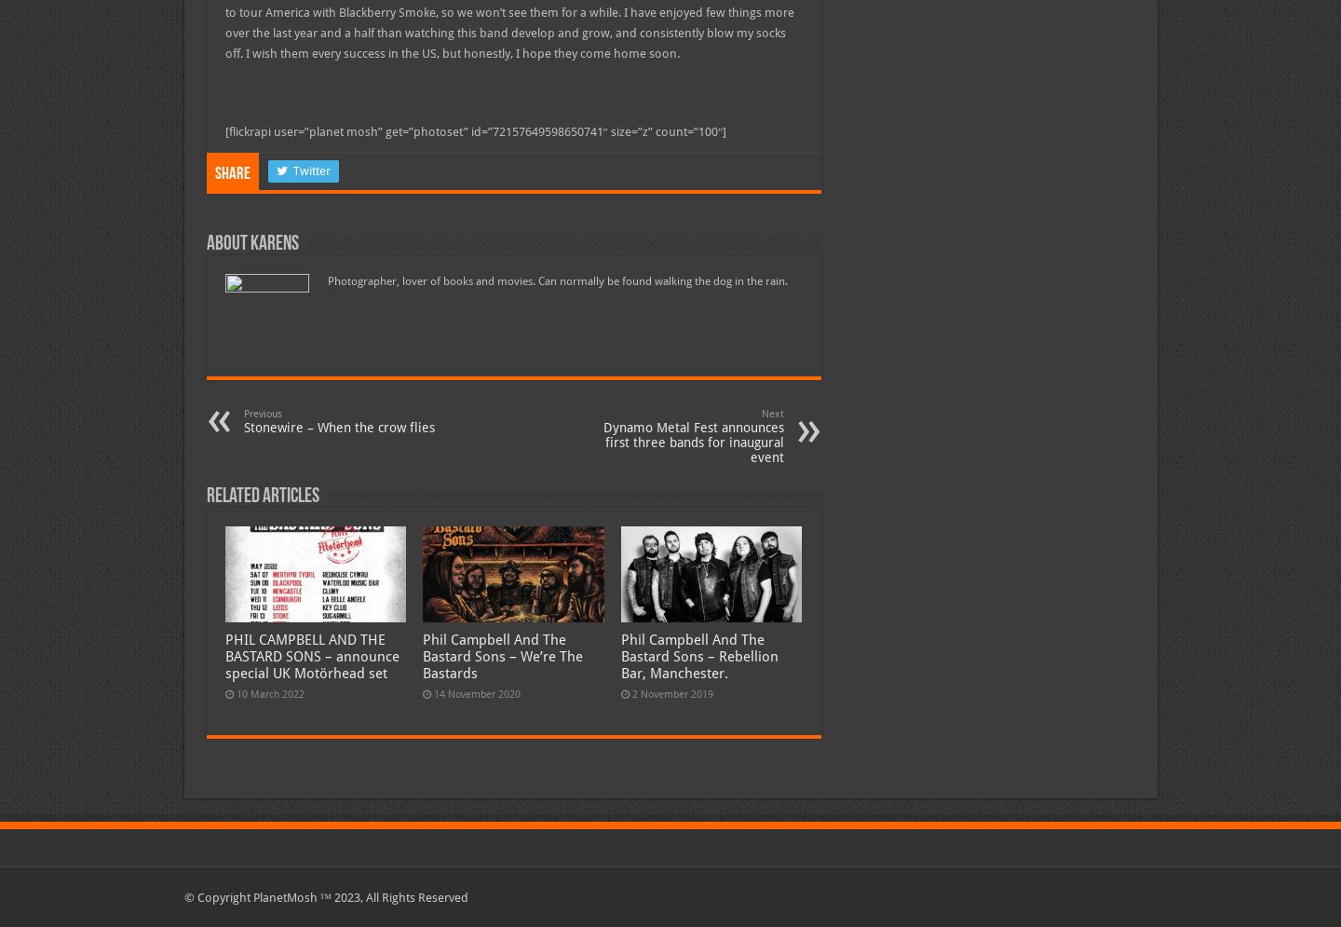  I want to click on 'About KarenS', so click(251, 244).